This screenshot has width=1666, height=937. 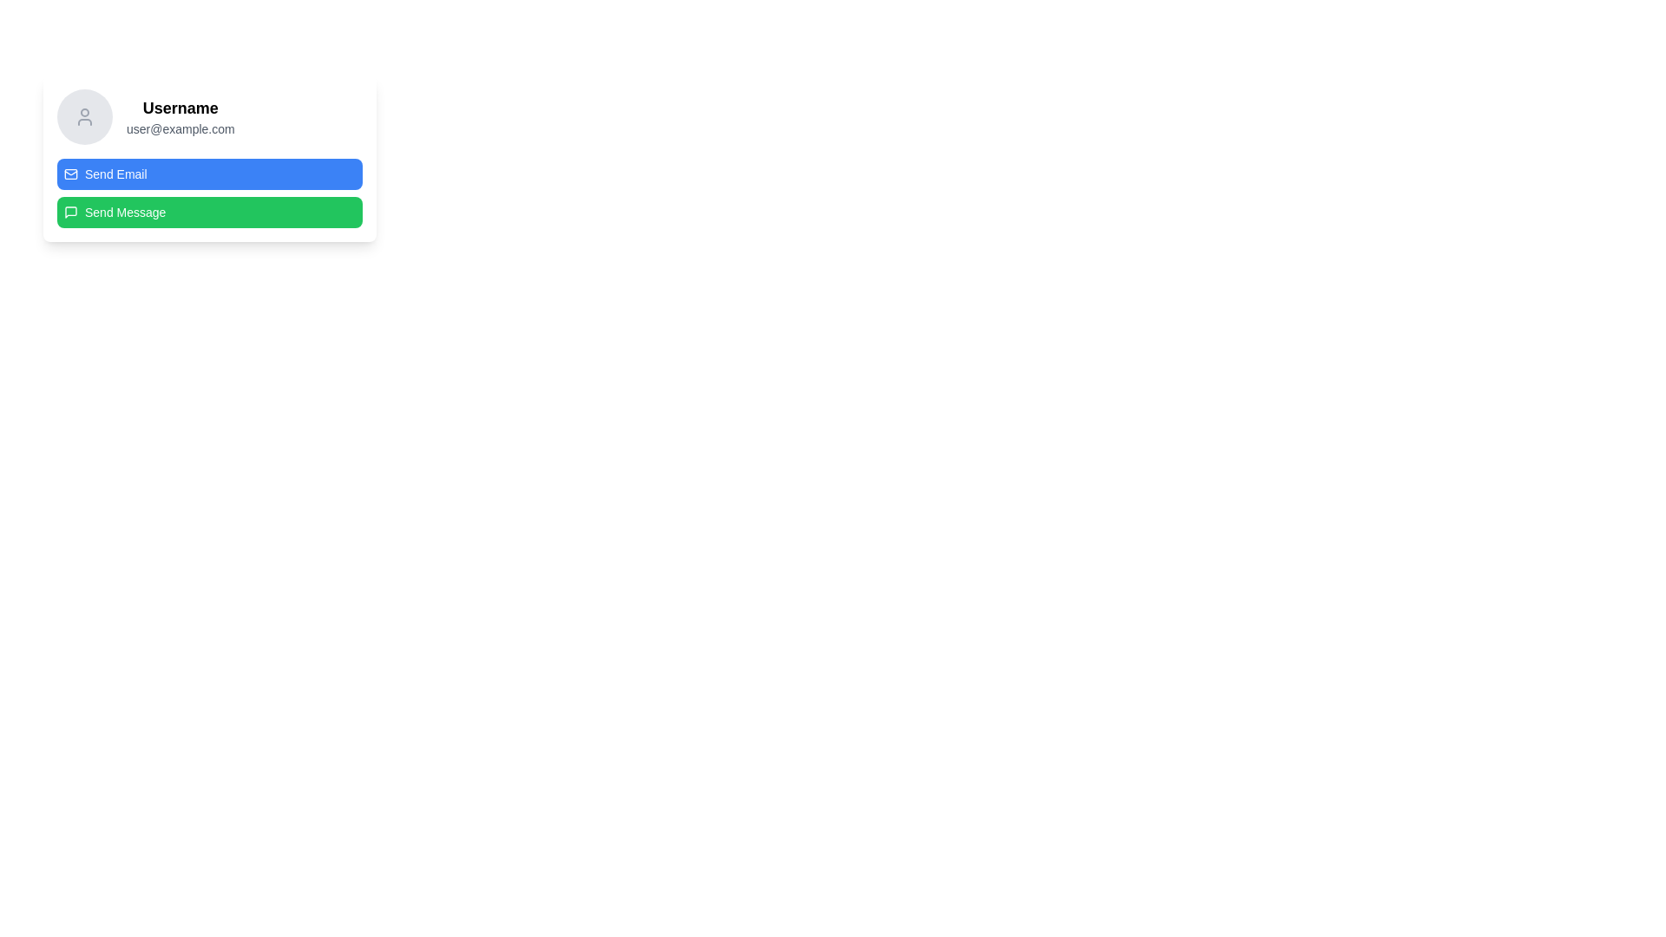 I want to click on the chat bubble icon with a green background located inside the 'Send Message' button at the bottom of the user card interface, so click(x=69, y=212).